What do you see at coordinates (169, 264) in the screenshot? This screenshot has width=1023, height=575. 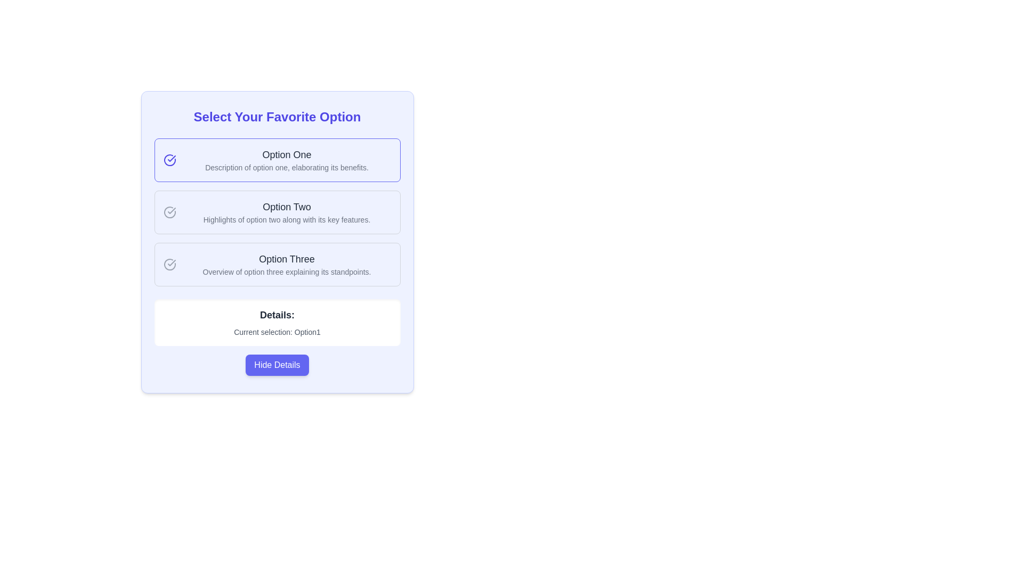 I see `the circular gray icon with a check mark, which is located in the leftmost position of the 'Option Three' row, preceding the text 'Option Three Overview of option three explaining its standpoints.'` at bounding box center [169, 264].